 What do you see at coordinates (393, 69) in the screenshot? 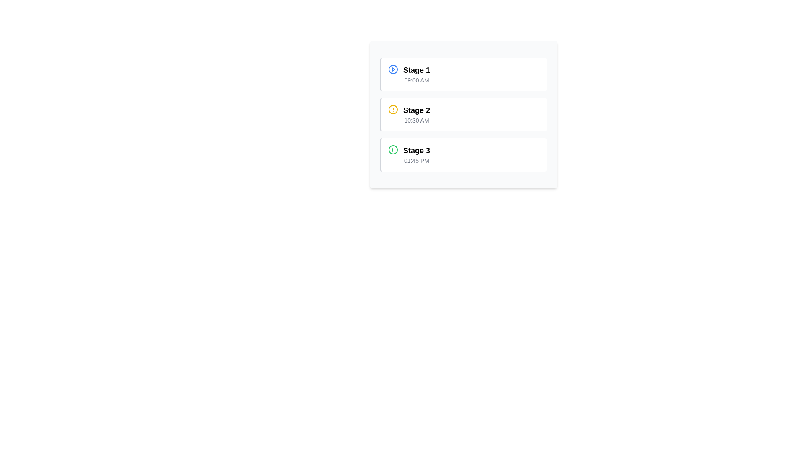
I see `the circular blue play button icon located to the left of the text 'Stage 1 09:00 AM'` at bounding box center [393, 69].